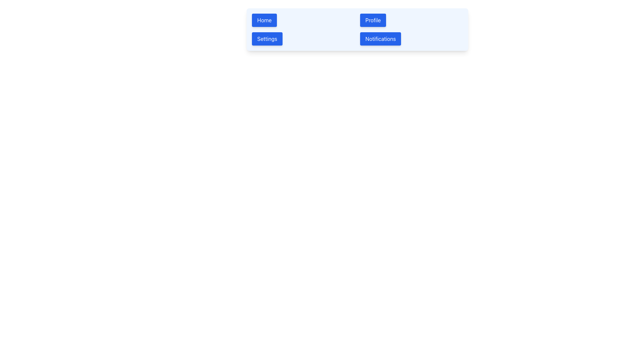 The height and width of the screenshot is (359, 639). I want to click on the 'Home' button with a blue background and white text, so click(264, 20).